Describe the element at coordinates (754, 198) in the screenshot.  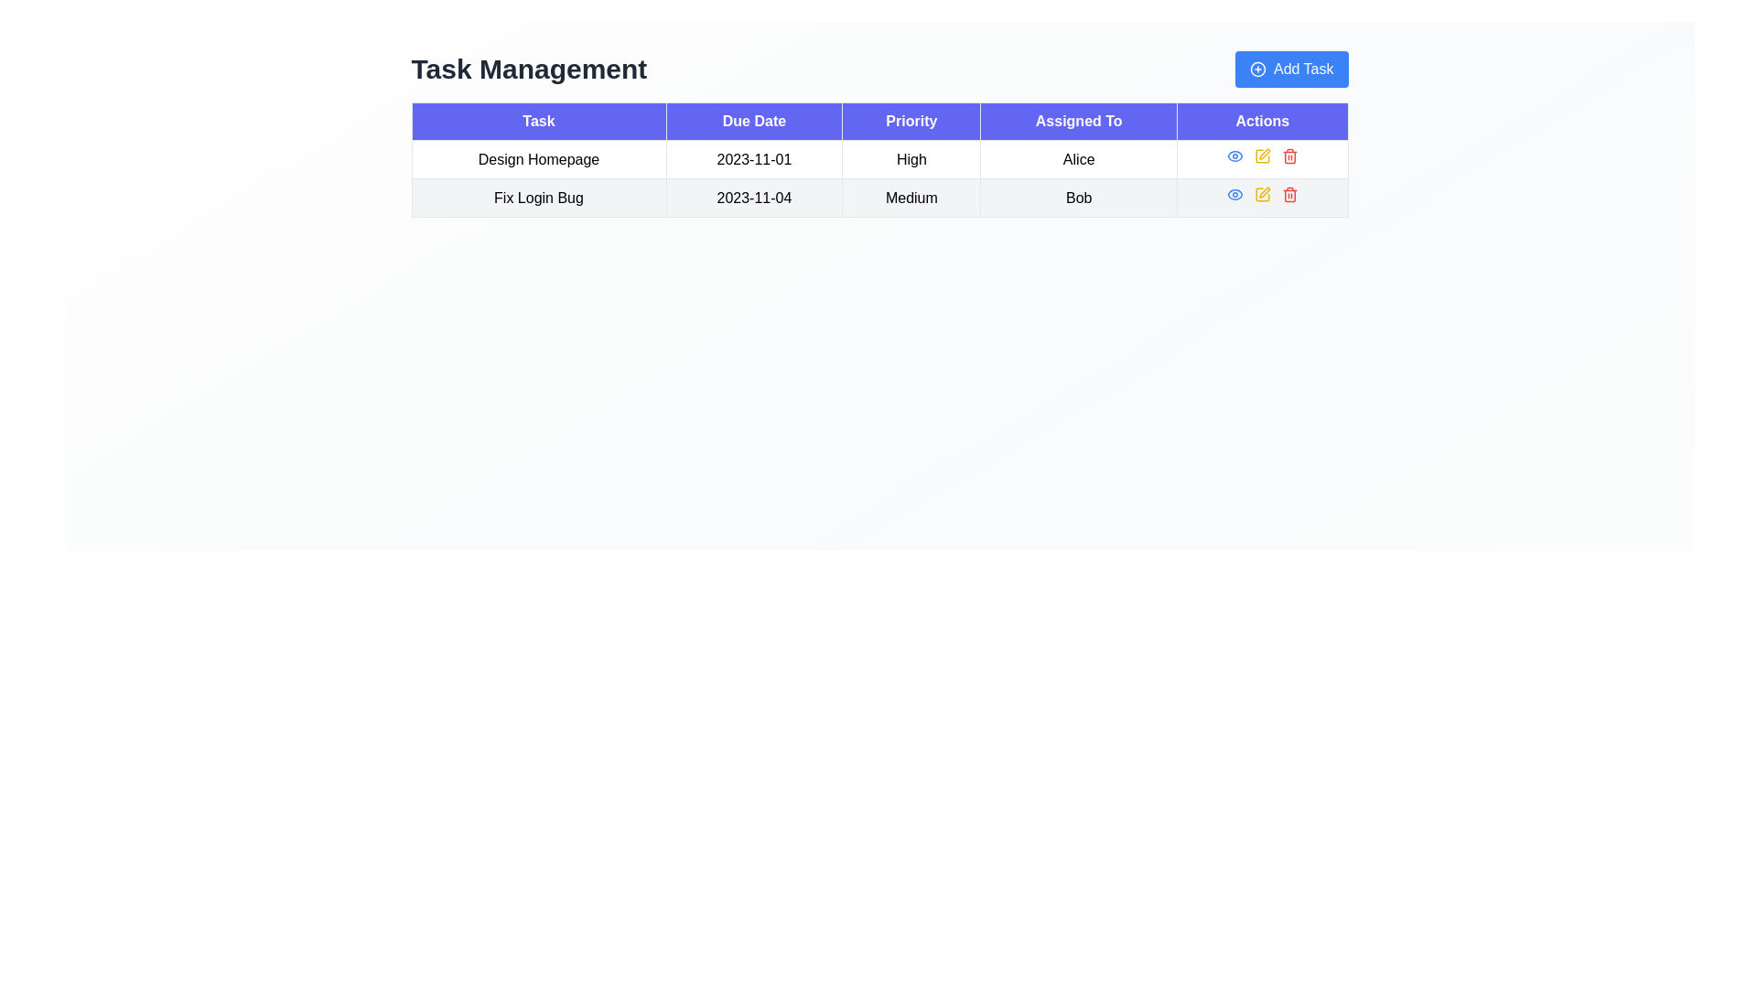
I see `the text label displaying the date '2023-11-04' which is located in the second row and second column under the 'Due Date' column for the task 'Fix Login Bug'` at that location.